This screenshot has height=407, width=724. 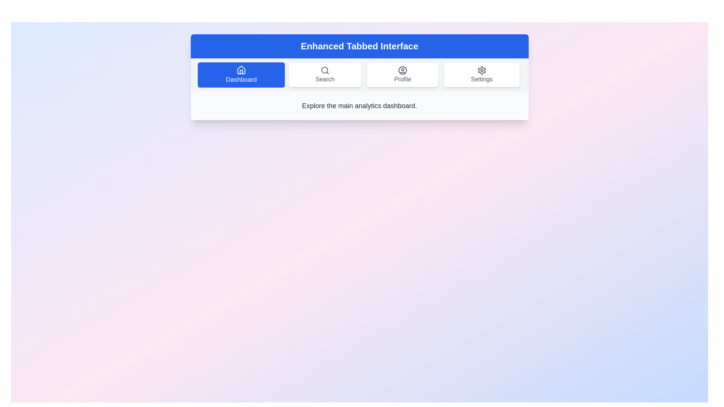 What do you see at coordinates (359, 77) in the screenshot?
I see `the tab in the Enhanced Tabbed Interface` at bounding box center [359, 77].